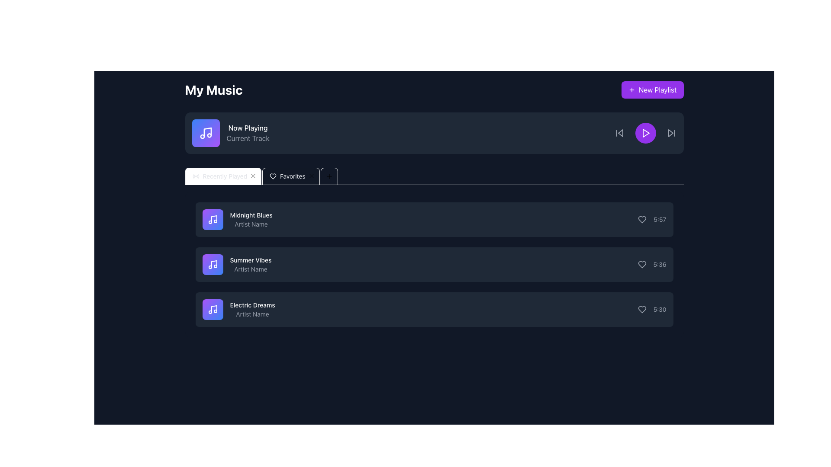  I want to click on the second music track or album entry in the 'My Music' list, so click(237, 264).